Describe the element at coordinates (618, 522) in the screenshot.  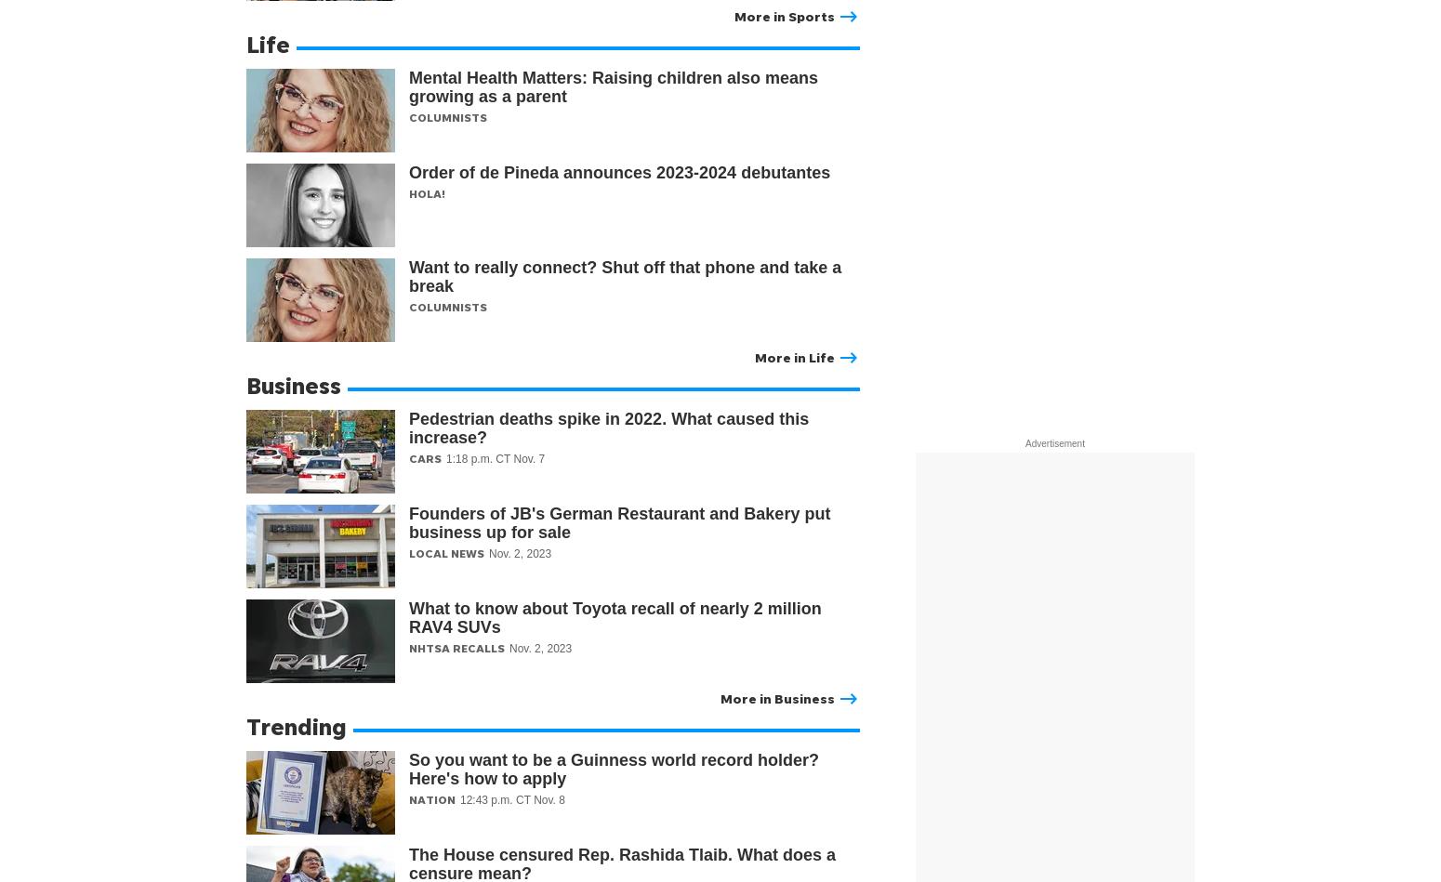
I see `'Founders of JB's German Restaurant and Bakery put business up for sale'` at that location.